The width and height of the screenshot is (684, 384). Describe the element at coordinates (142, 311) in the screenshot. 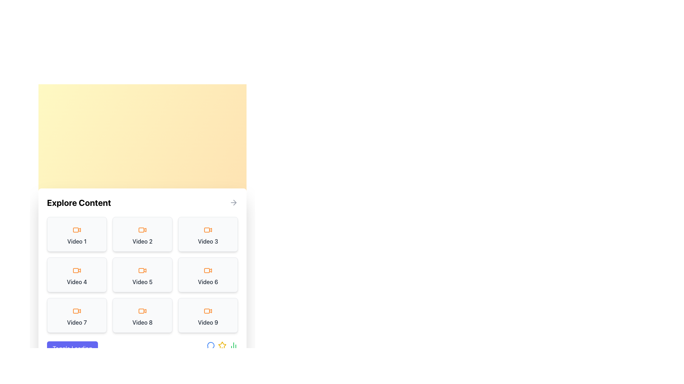

I see `the orange video icon, which is centrally aligned within a rectangular card that contains the text 'Video 8' at the bottom` at that location.